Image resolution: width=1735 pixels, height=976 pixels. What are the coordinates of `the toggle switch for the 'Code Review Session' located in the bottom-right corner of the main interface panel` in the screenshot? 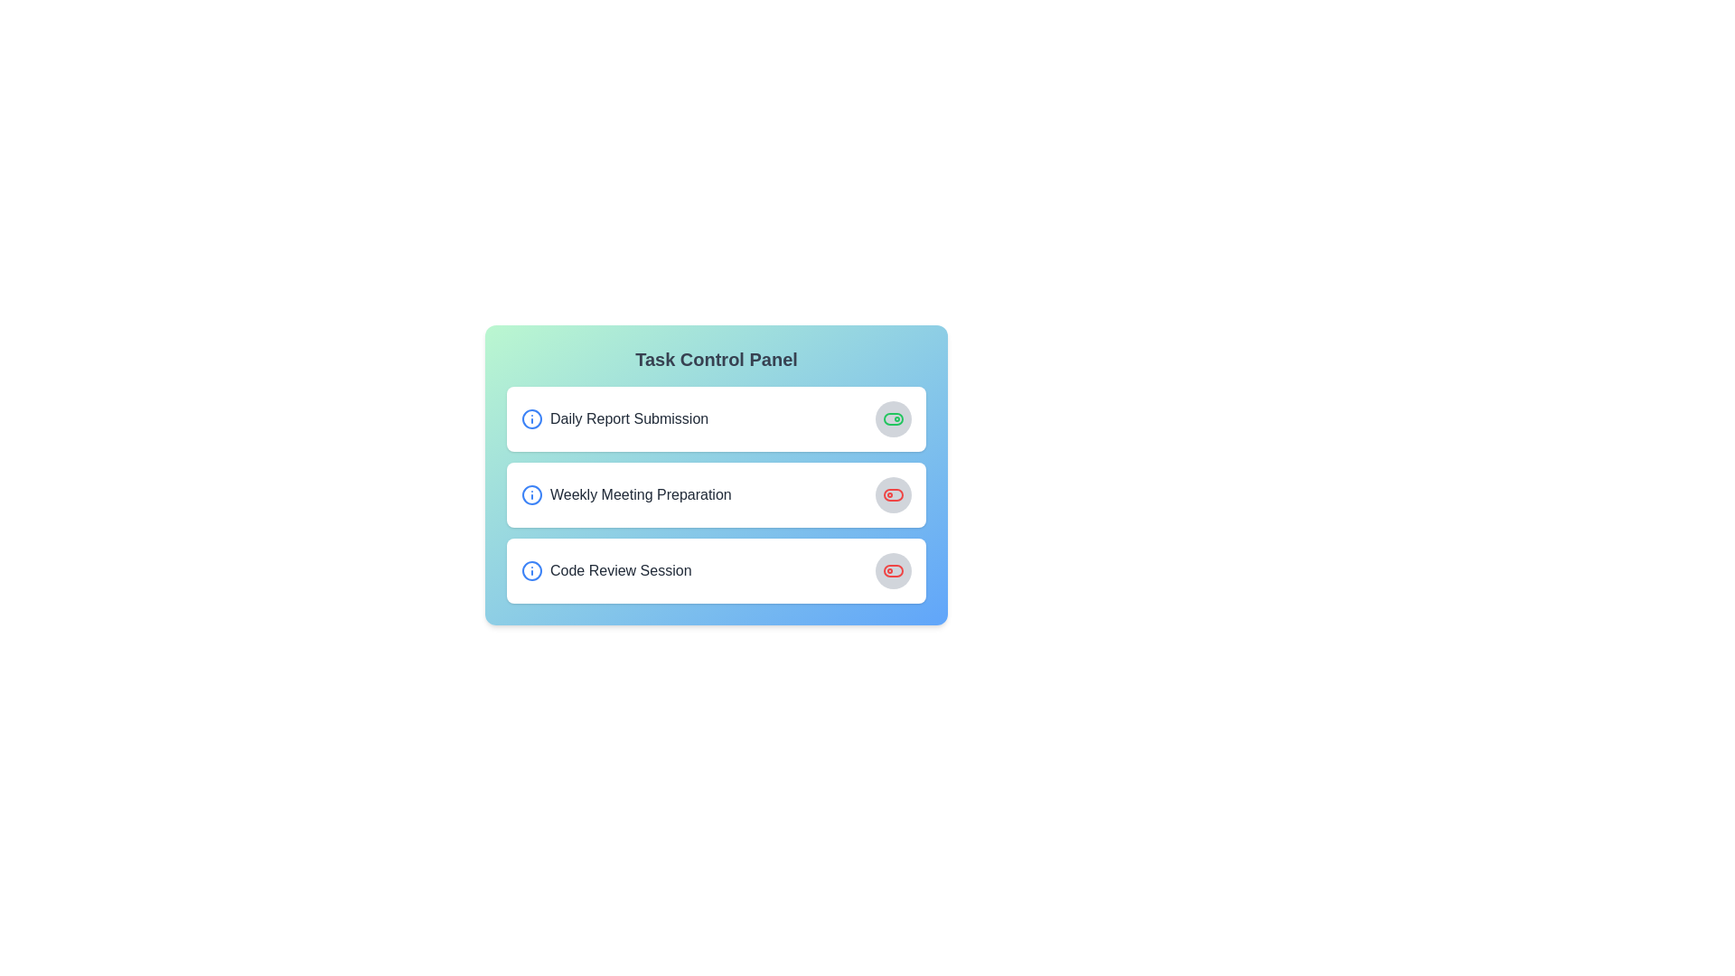 It's located at (893, 571).